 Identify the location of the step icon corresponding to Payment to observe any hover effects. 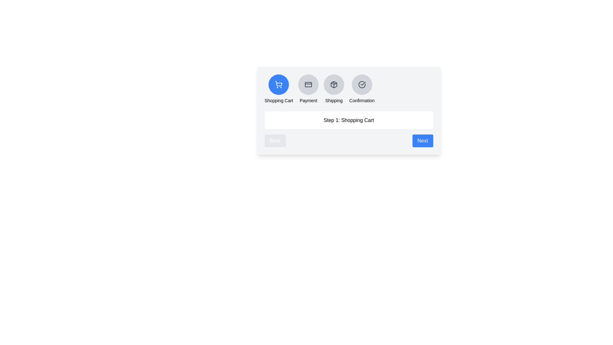
(308, 84).